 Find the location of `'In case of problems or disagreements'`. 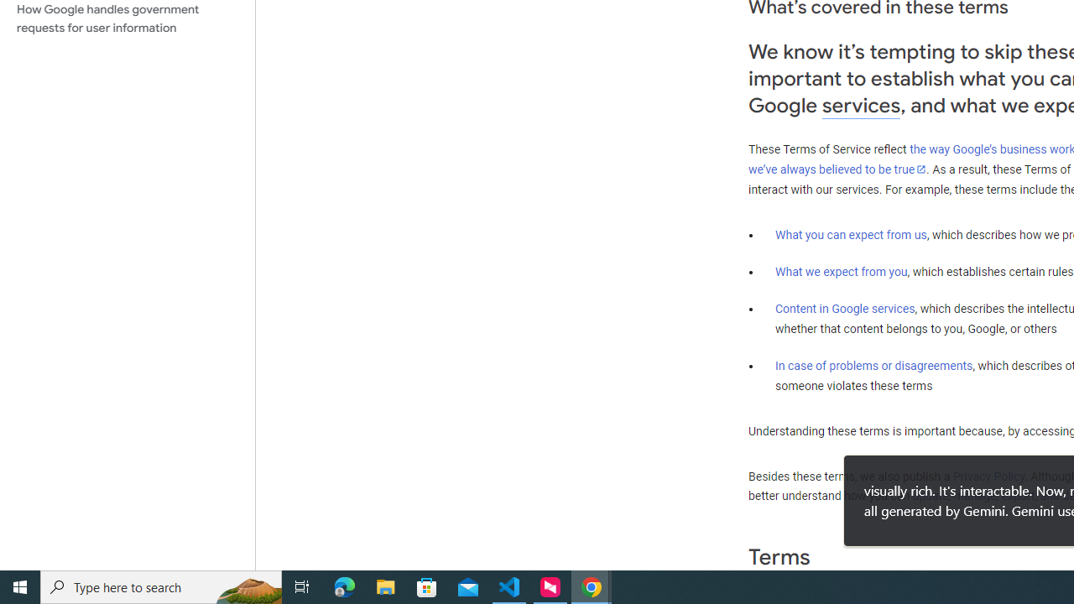

'In case of problems or disagreements' is located at coordinates (873, 364).